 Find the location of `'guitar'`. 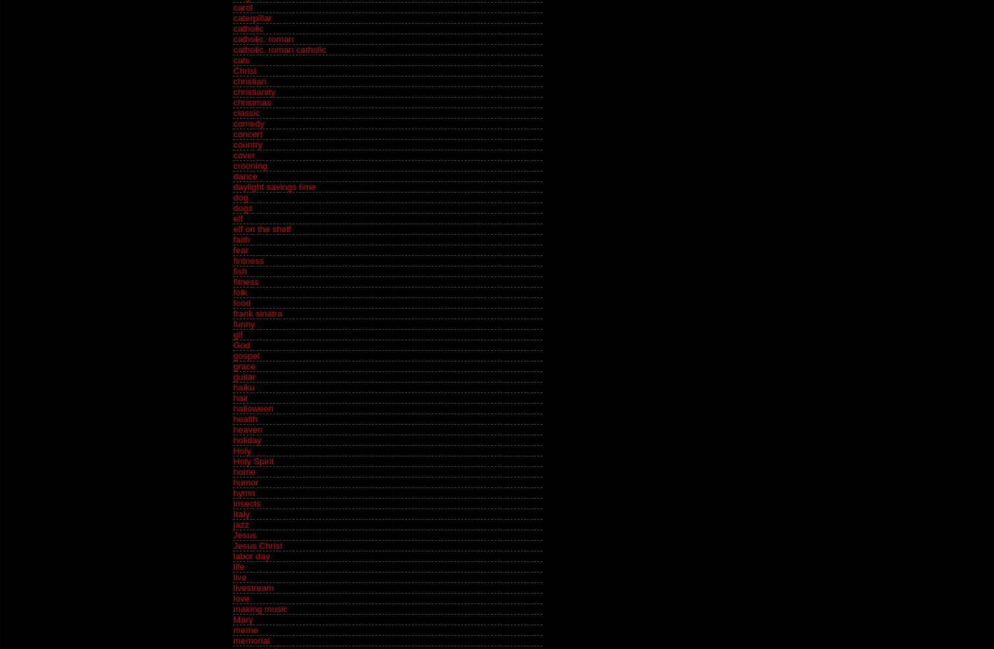

'guitar' is located at coordinates (232, 376).